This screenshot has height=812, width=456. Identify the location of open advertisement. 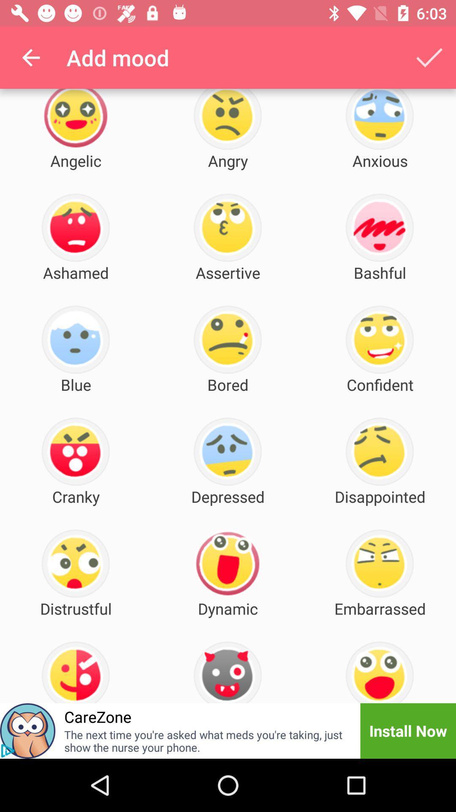
(27, 730).